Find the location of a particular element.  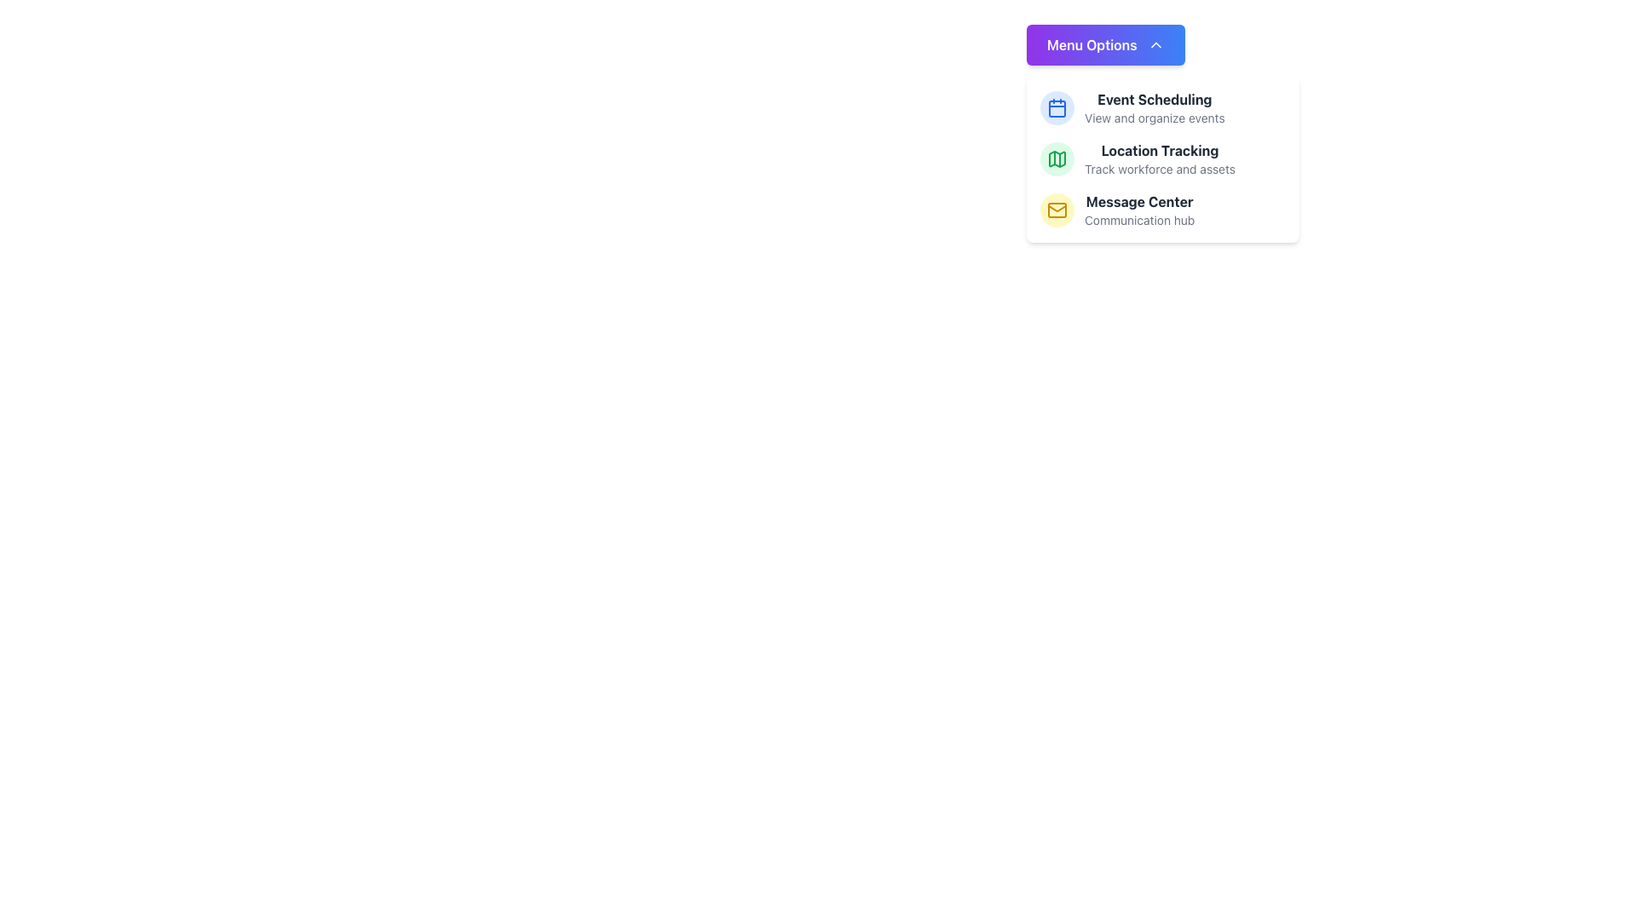

the icon located at the top-right of the 'Menu Options' button, which indicates the ability to minimize or close the dropdown menu is located at coordinates (1155, 44).